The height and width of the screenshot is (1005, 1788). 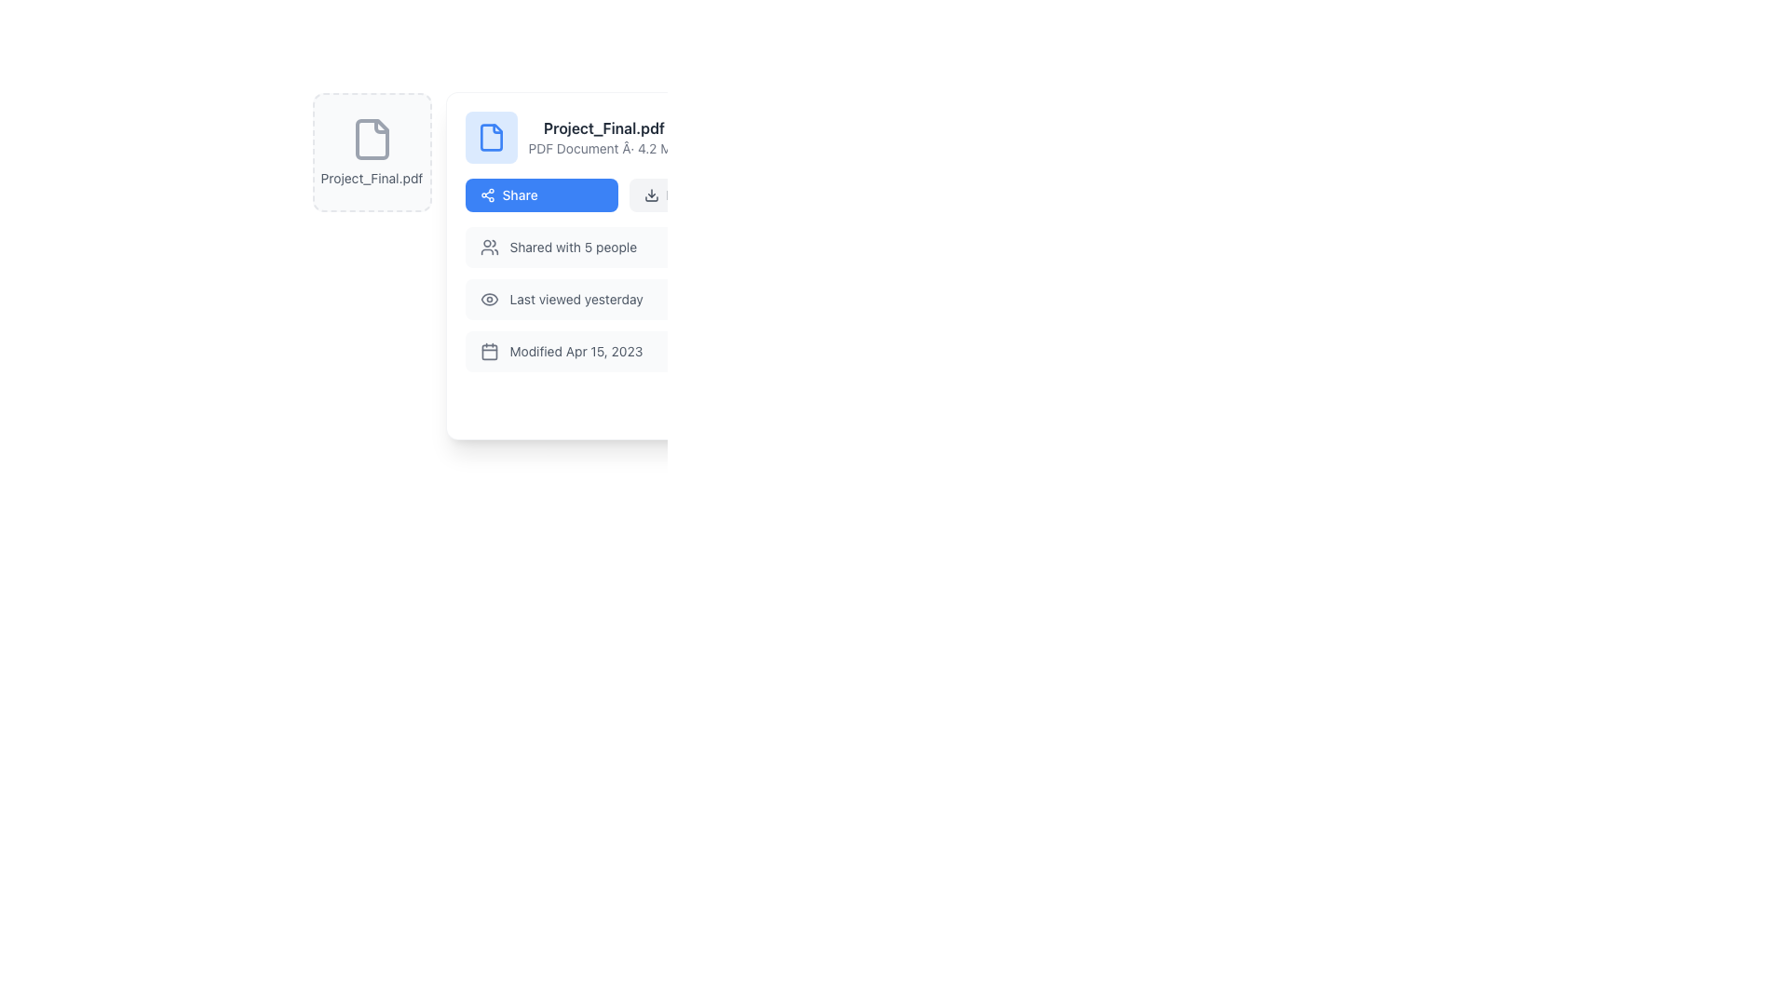 I want to click on the small eye-shaped vector graphic icon located in the detailed information panel of the file 'Project_Final.pdf', so click(x=489, y=298).